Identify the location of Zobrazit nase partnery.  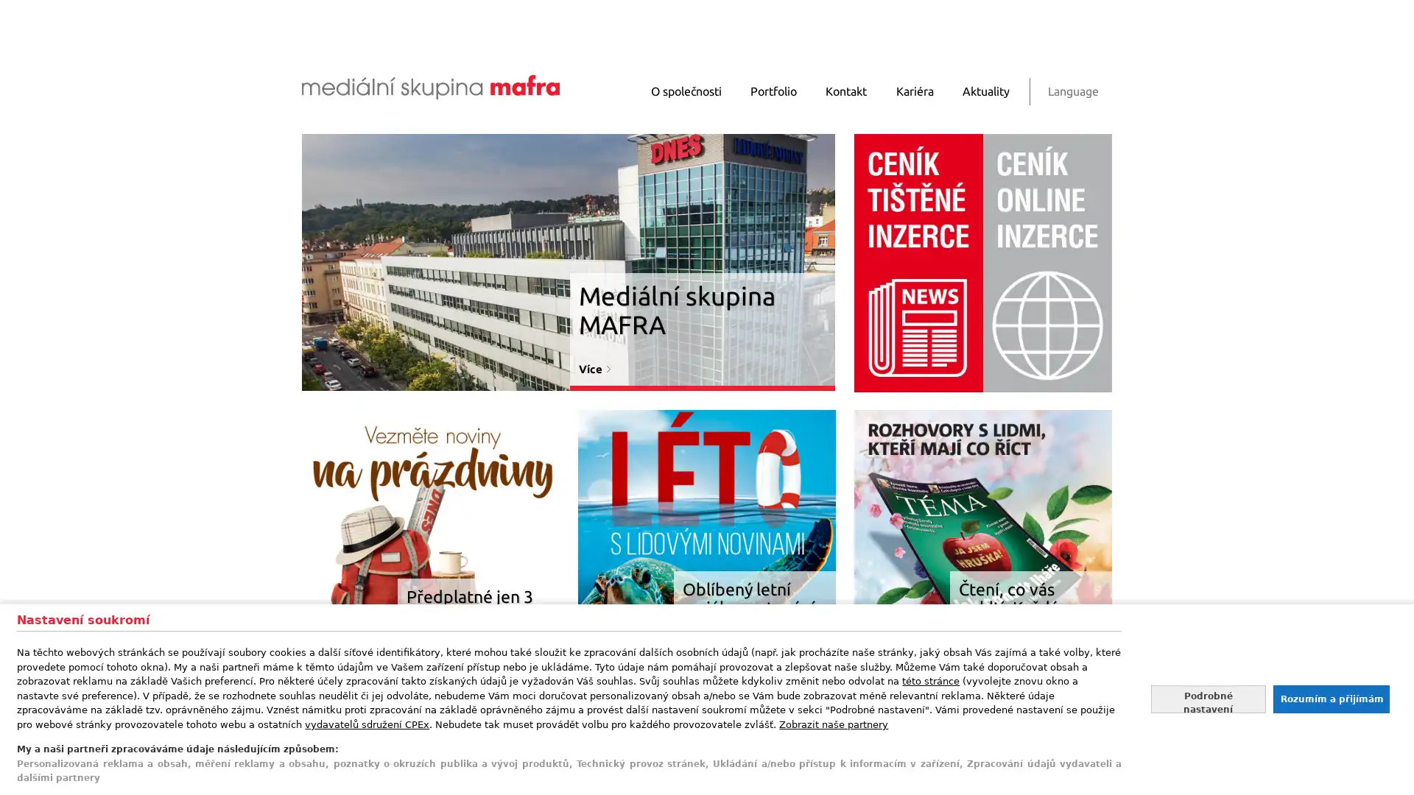
(834, 723).